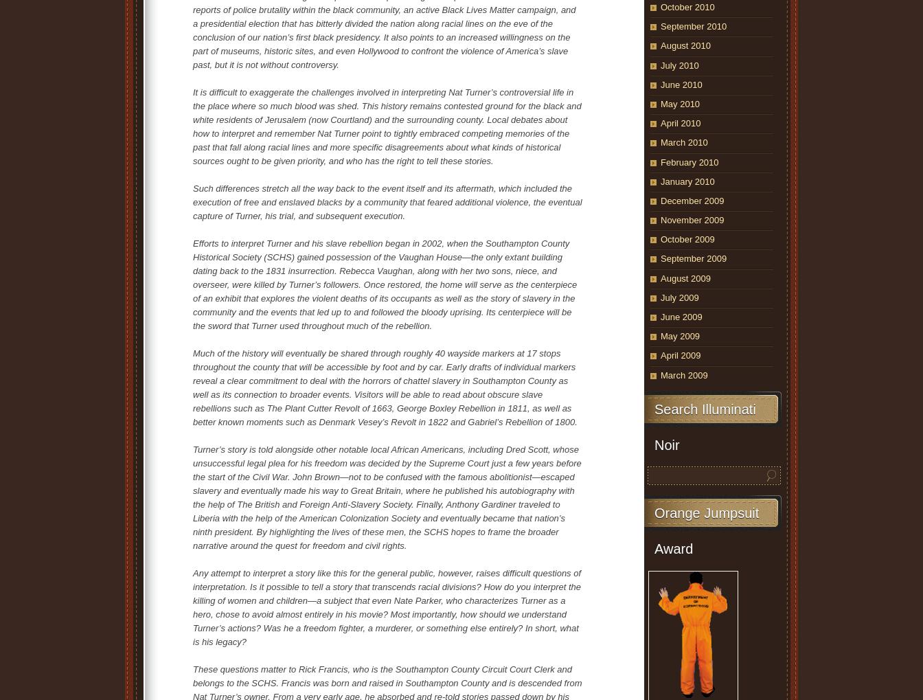  I want to click on 'Efforts to interpret Turner and his slave rebellion began in 2002, when the Southampton County Historical Society (SCHS) gained possession of the Vaughan House—the only extant building dating back to the 1831 insurrection. Rebecca Vaughan, along with her two sons, niece, and overseer, were killed by Turner’s followers. Once restored, the home will serve as the centerpiece of an exhibit that explores the violent deaths of its occupants as well as the story of slavery in the community and the events that led up to and followed the bloody uprising. Its centerpiece will be the sword that Turner used throughout much of the rebellion.', so click(385, 283).